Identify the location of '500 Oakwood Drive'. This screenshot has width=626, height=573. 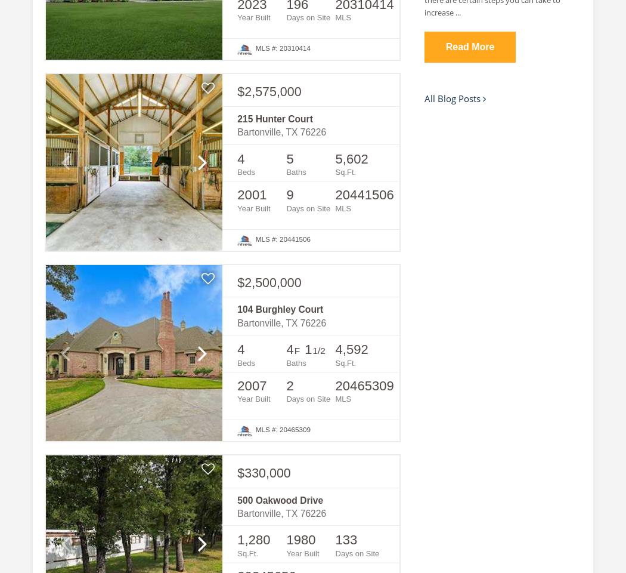
(237, 500).